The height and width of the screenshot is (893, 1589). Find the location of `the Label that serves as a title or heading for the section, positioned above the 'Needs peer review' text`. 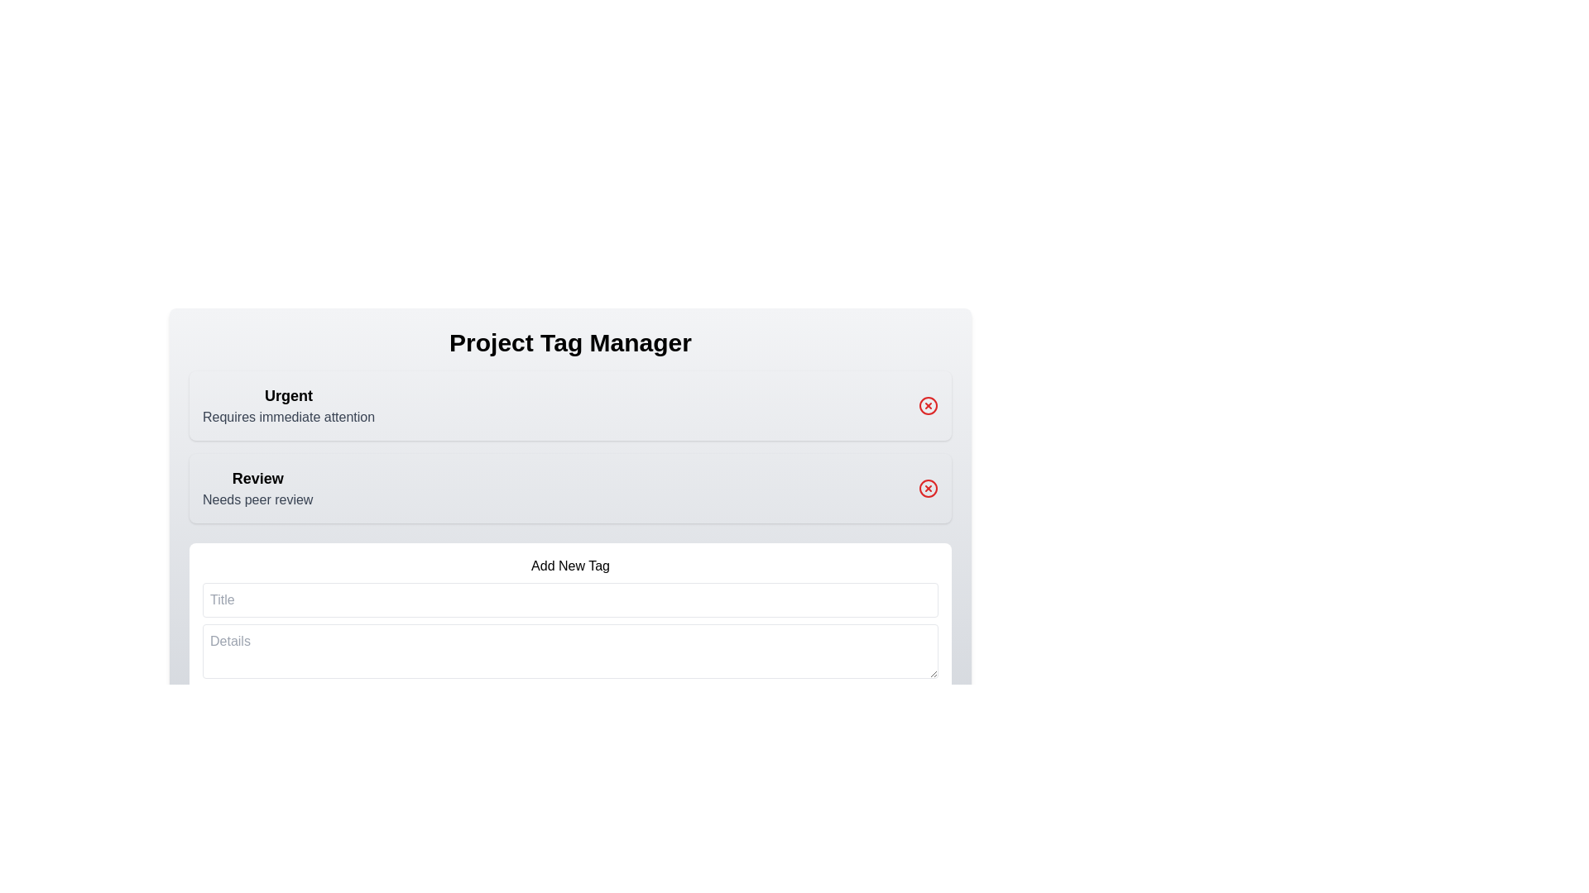

the Label that serves as a title or heading for the section, positioned above the 'Needs peer review' text is located at coordinates (257, 478).